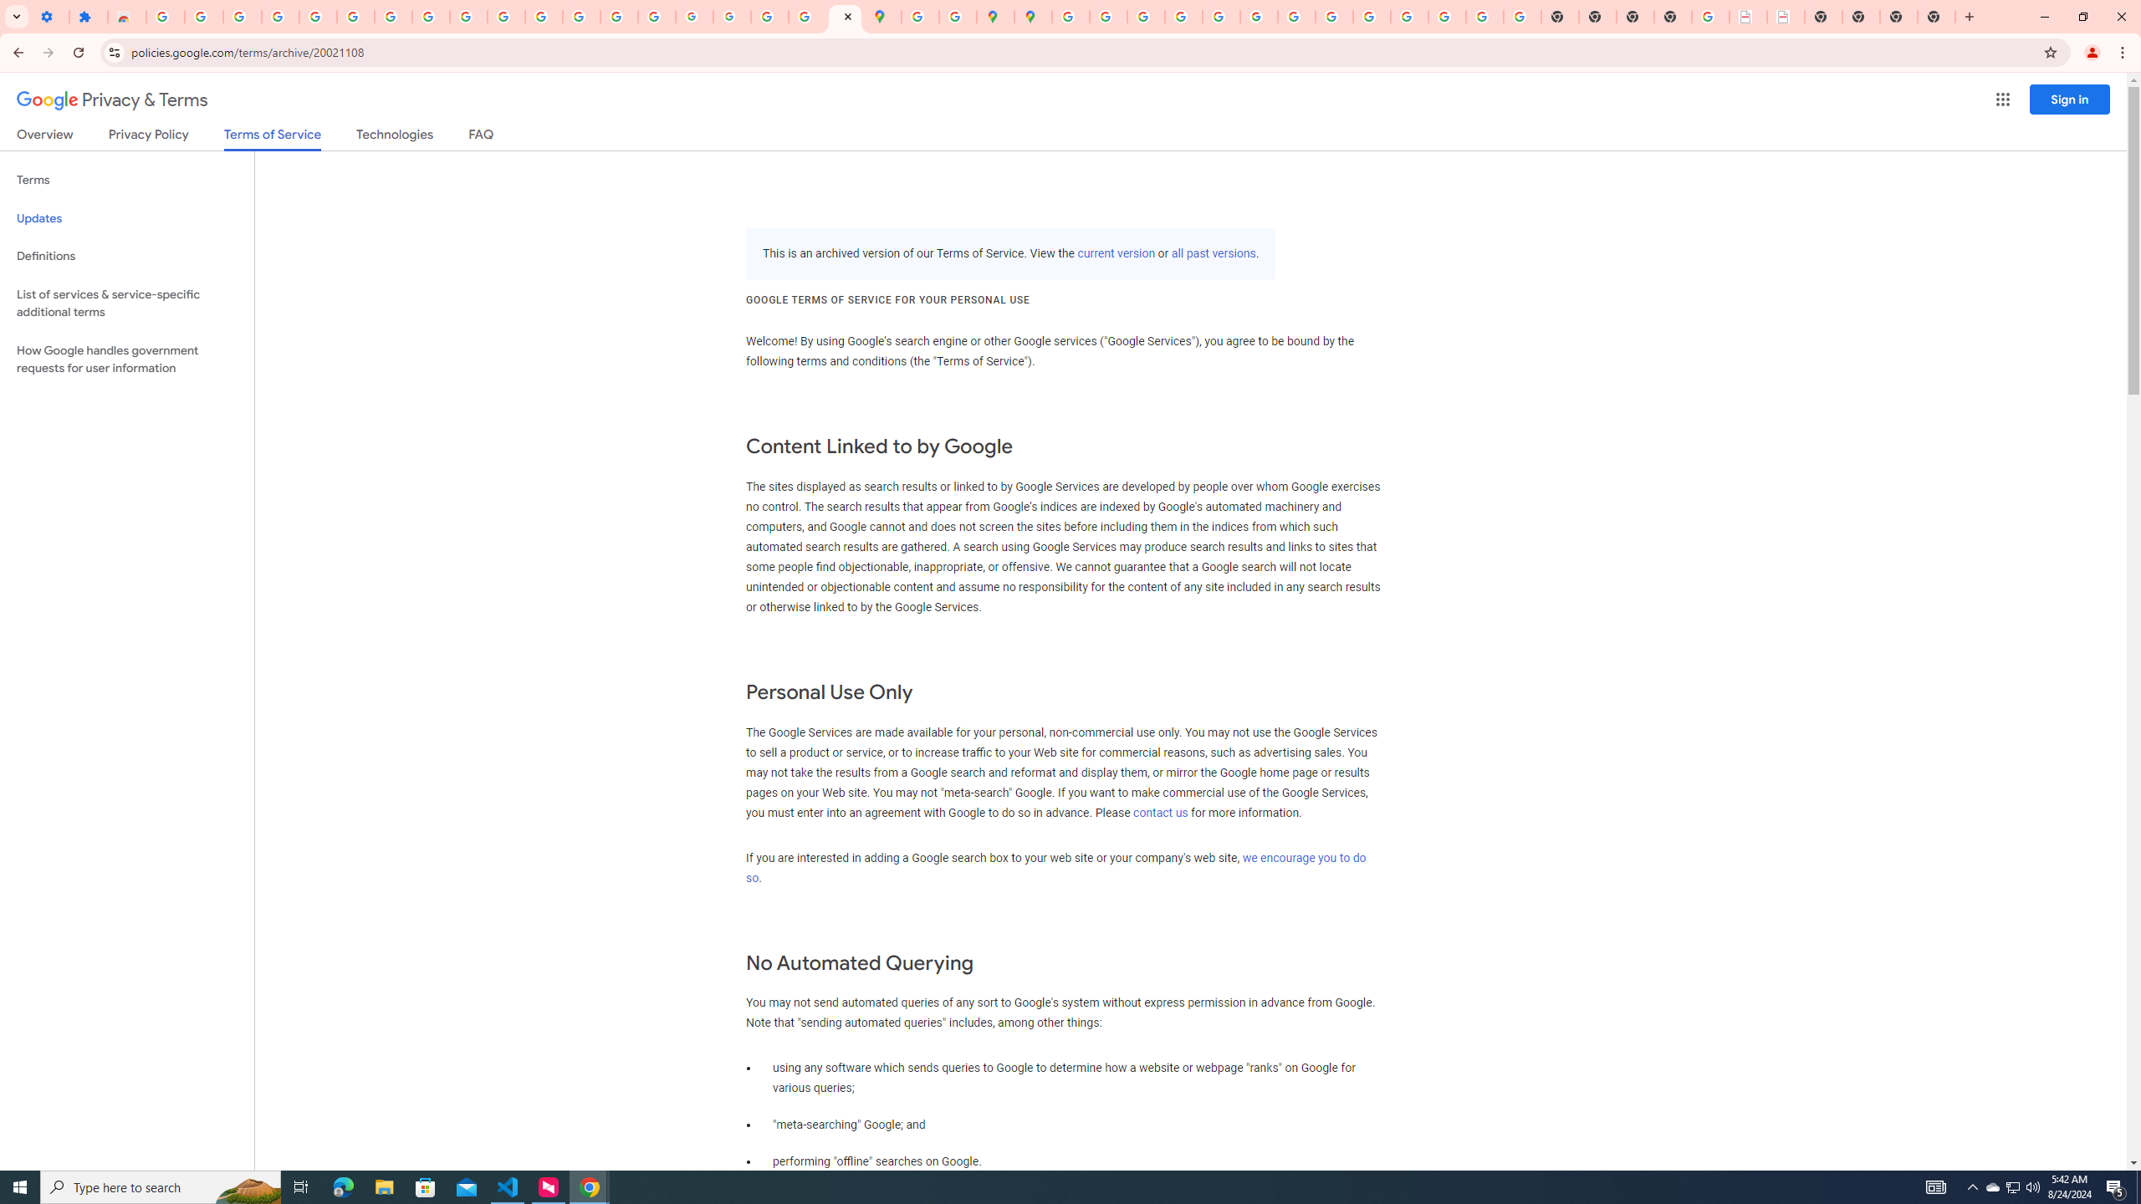 This screenshot has height=1204, width=2141. Describe the element at coordinates (430, 16) in the screenshot. I see `'Google Account'` at that location.